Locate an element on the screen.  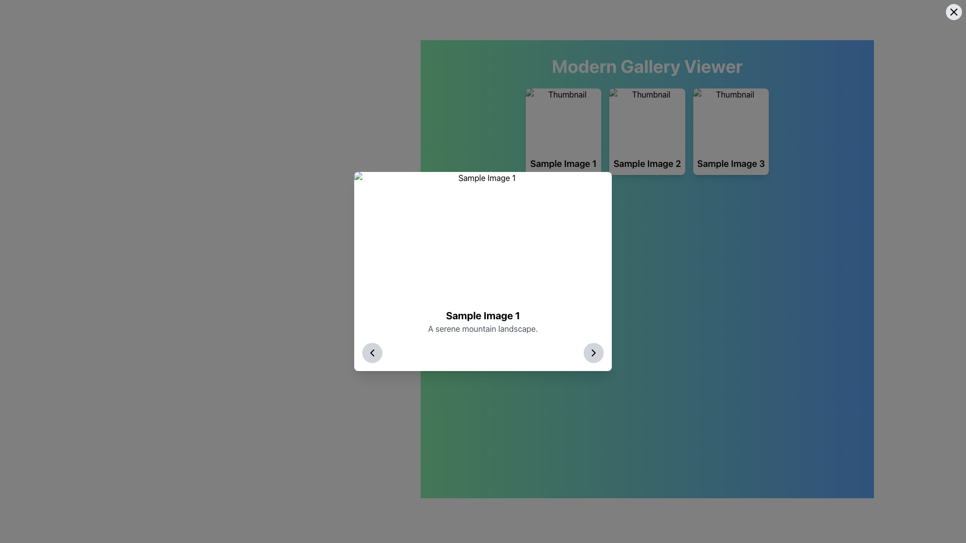
the rightward-facing chevron icon button, which is a black arrow on a gray circular background, located at the bottom-right corner of the white modal is located at coordinates (594, 352).